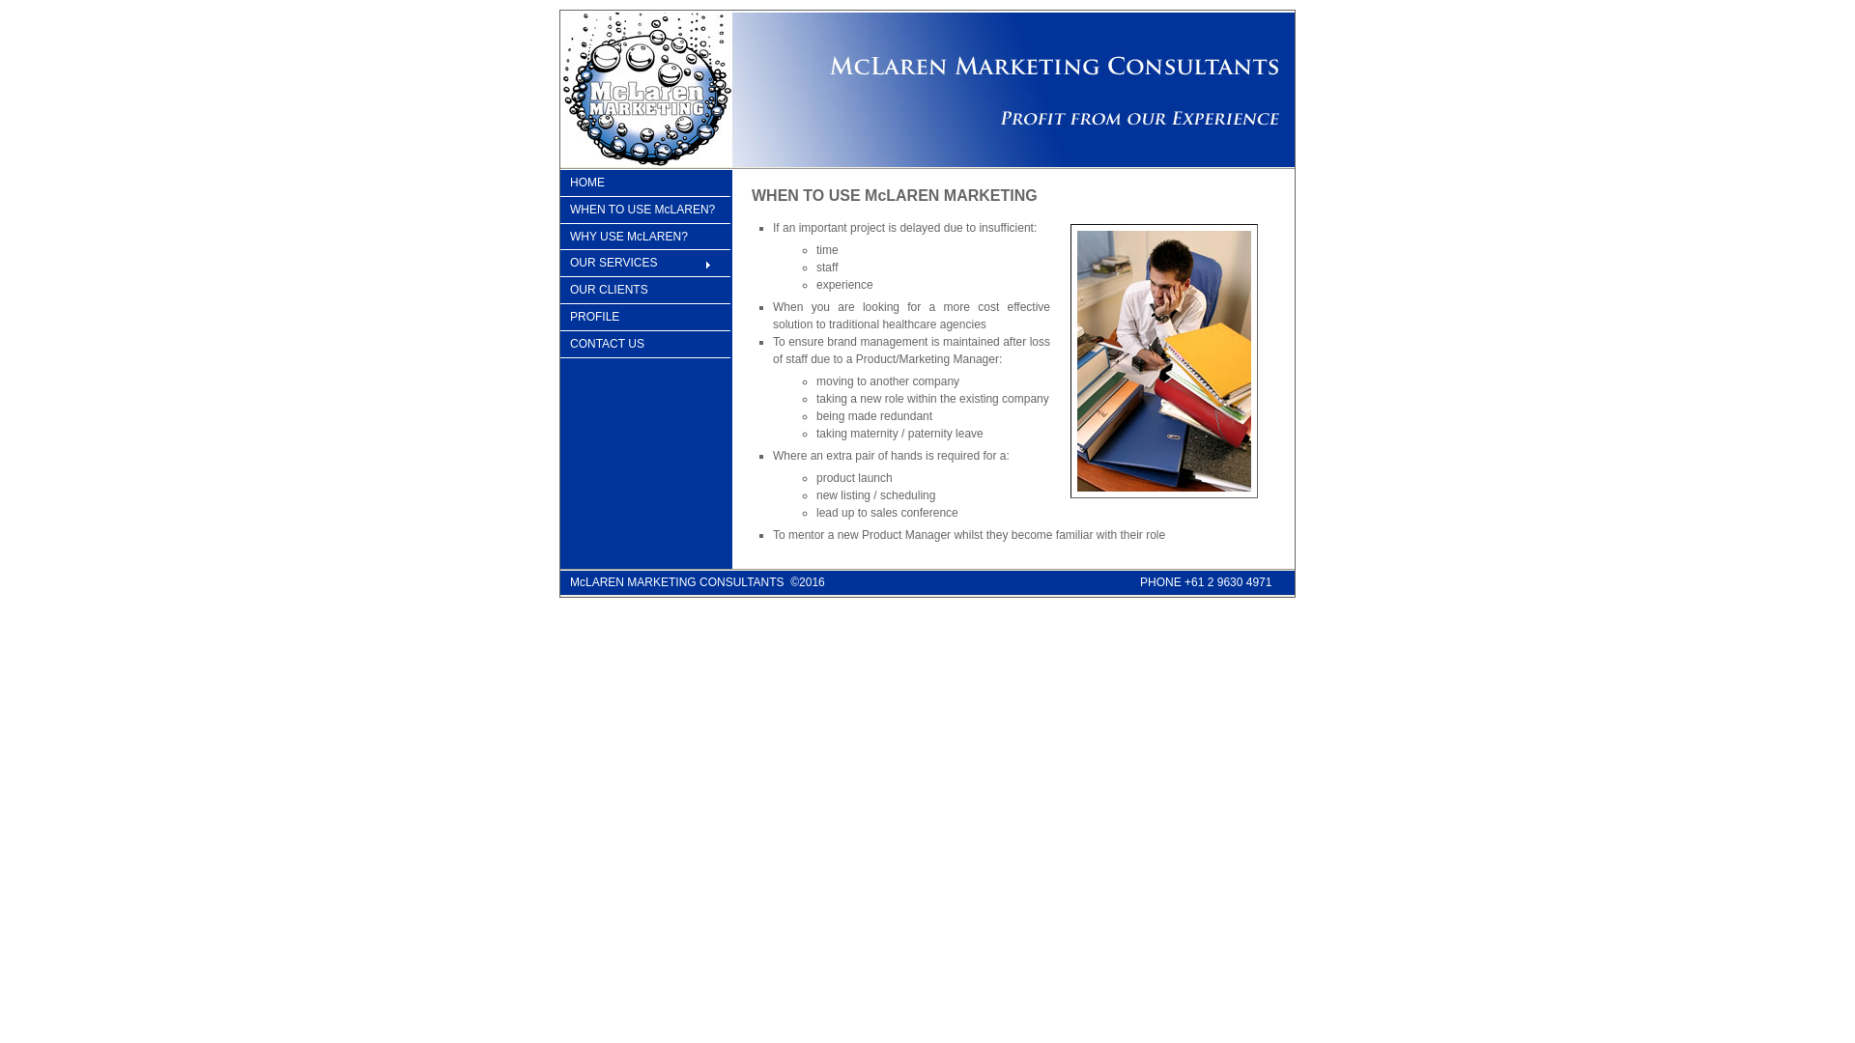 Image resolution: width=1855 pixels, height=1043 pixels. I want to click on 'WHY USE McLAREN?', so click(644, 237).